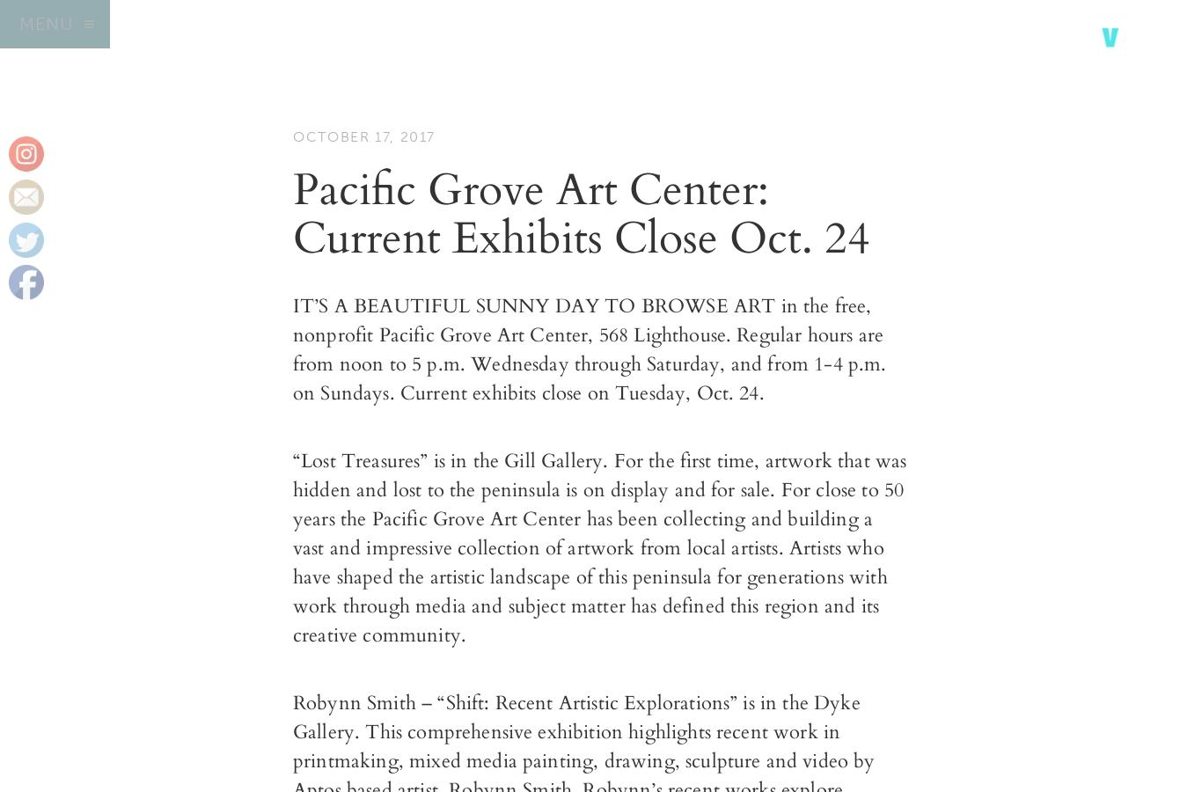  What do you see at coordinates (293, 547) in the screenshot?
I see `'“Lost Treasures” is in the Gill Gallery. For the first time, artwork that was hidden and lost to the peninsula is on display and for sale. For close to 50 years the Pacific Grove Art Center has been collecting and building a vast and impressive collection of artwork from local artists. Artists who have shaped the artistic landscape of this peninsula for generations with work through media and subject matter has defined this region and its creative community.'` at bounding box center [293, 547].